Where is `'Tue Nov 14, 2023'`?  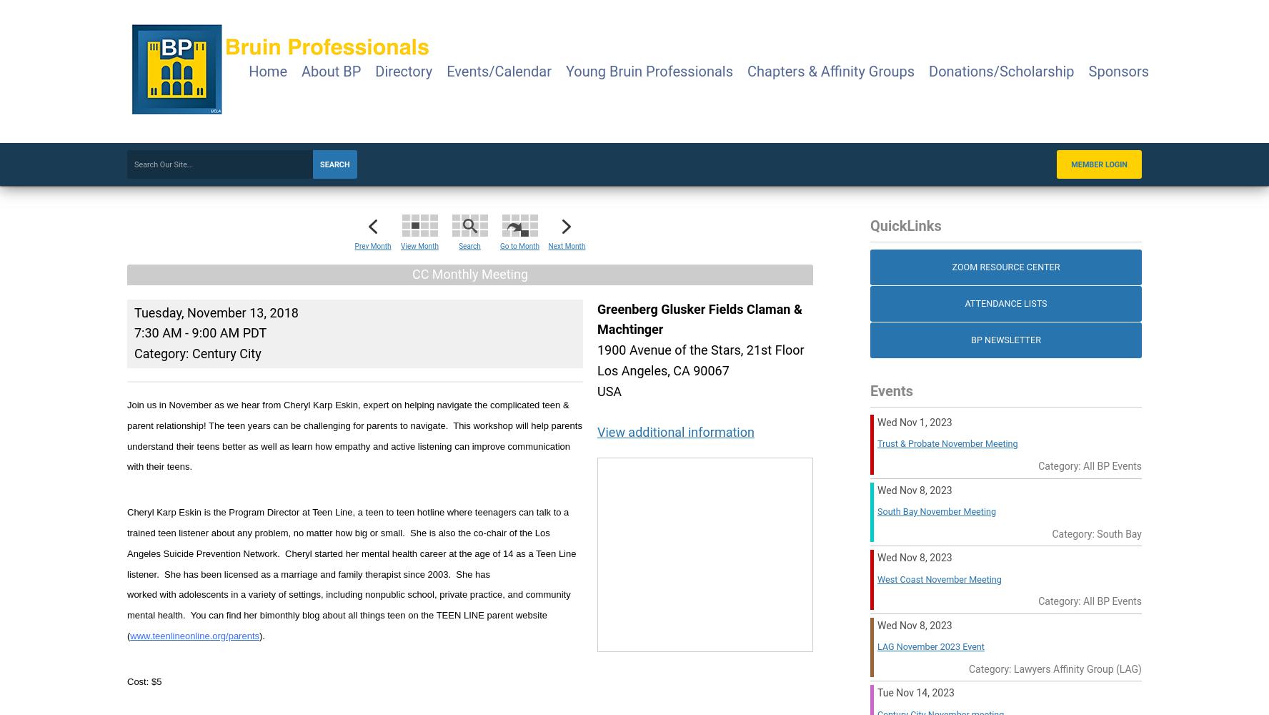
'Tue Nov 14, 2023' is located at coordinates (915, 692).